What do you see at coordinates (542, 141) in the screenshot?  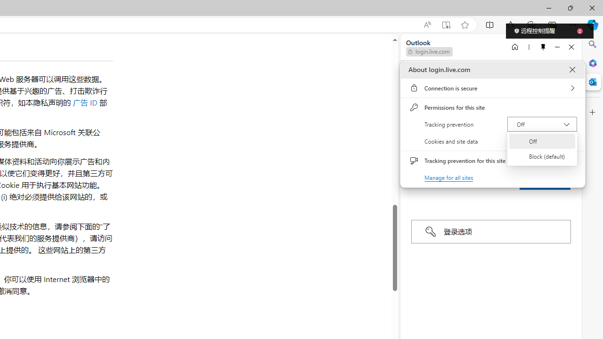 I see `'Off'` at bounding box center [542, 141].